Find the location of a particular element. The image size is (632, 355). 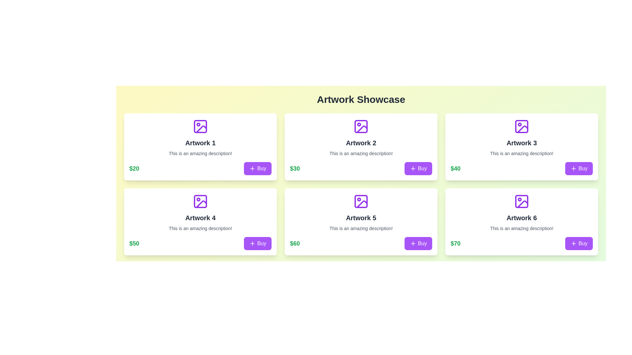

the text block containing the phrase 'This is an amazing description!' located beneath the title 'Artwork 1' in the first card of the grid is located at coordinates (200, 153).